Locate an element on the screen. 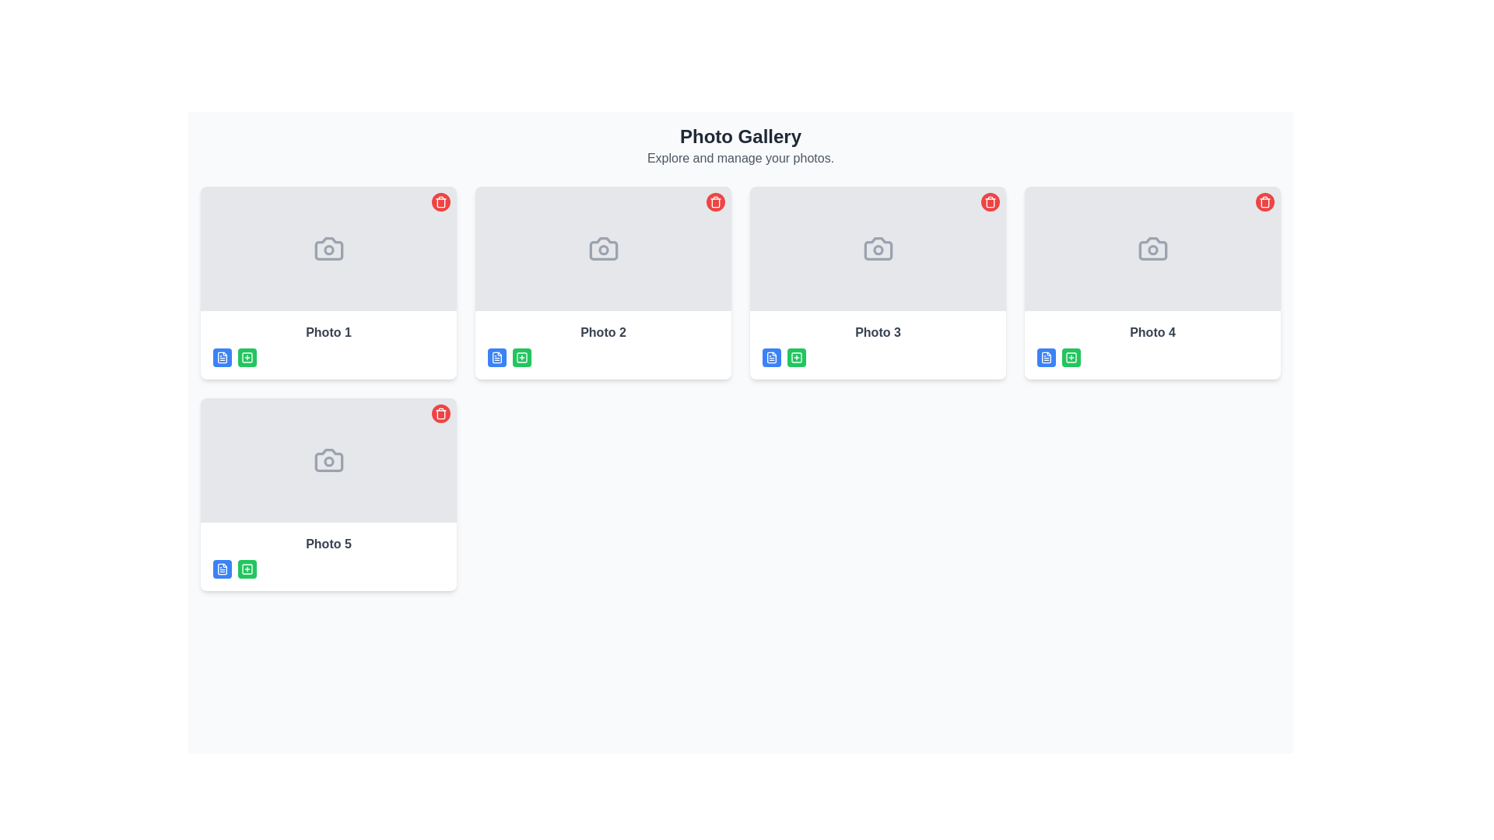 This screenshot has height=840, width=1494. the interactive icon element located under the photo preview area for 'Photo 3', indicating a function such as adding or editing a photo is located at coordinates (796, 357).